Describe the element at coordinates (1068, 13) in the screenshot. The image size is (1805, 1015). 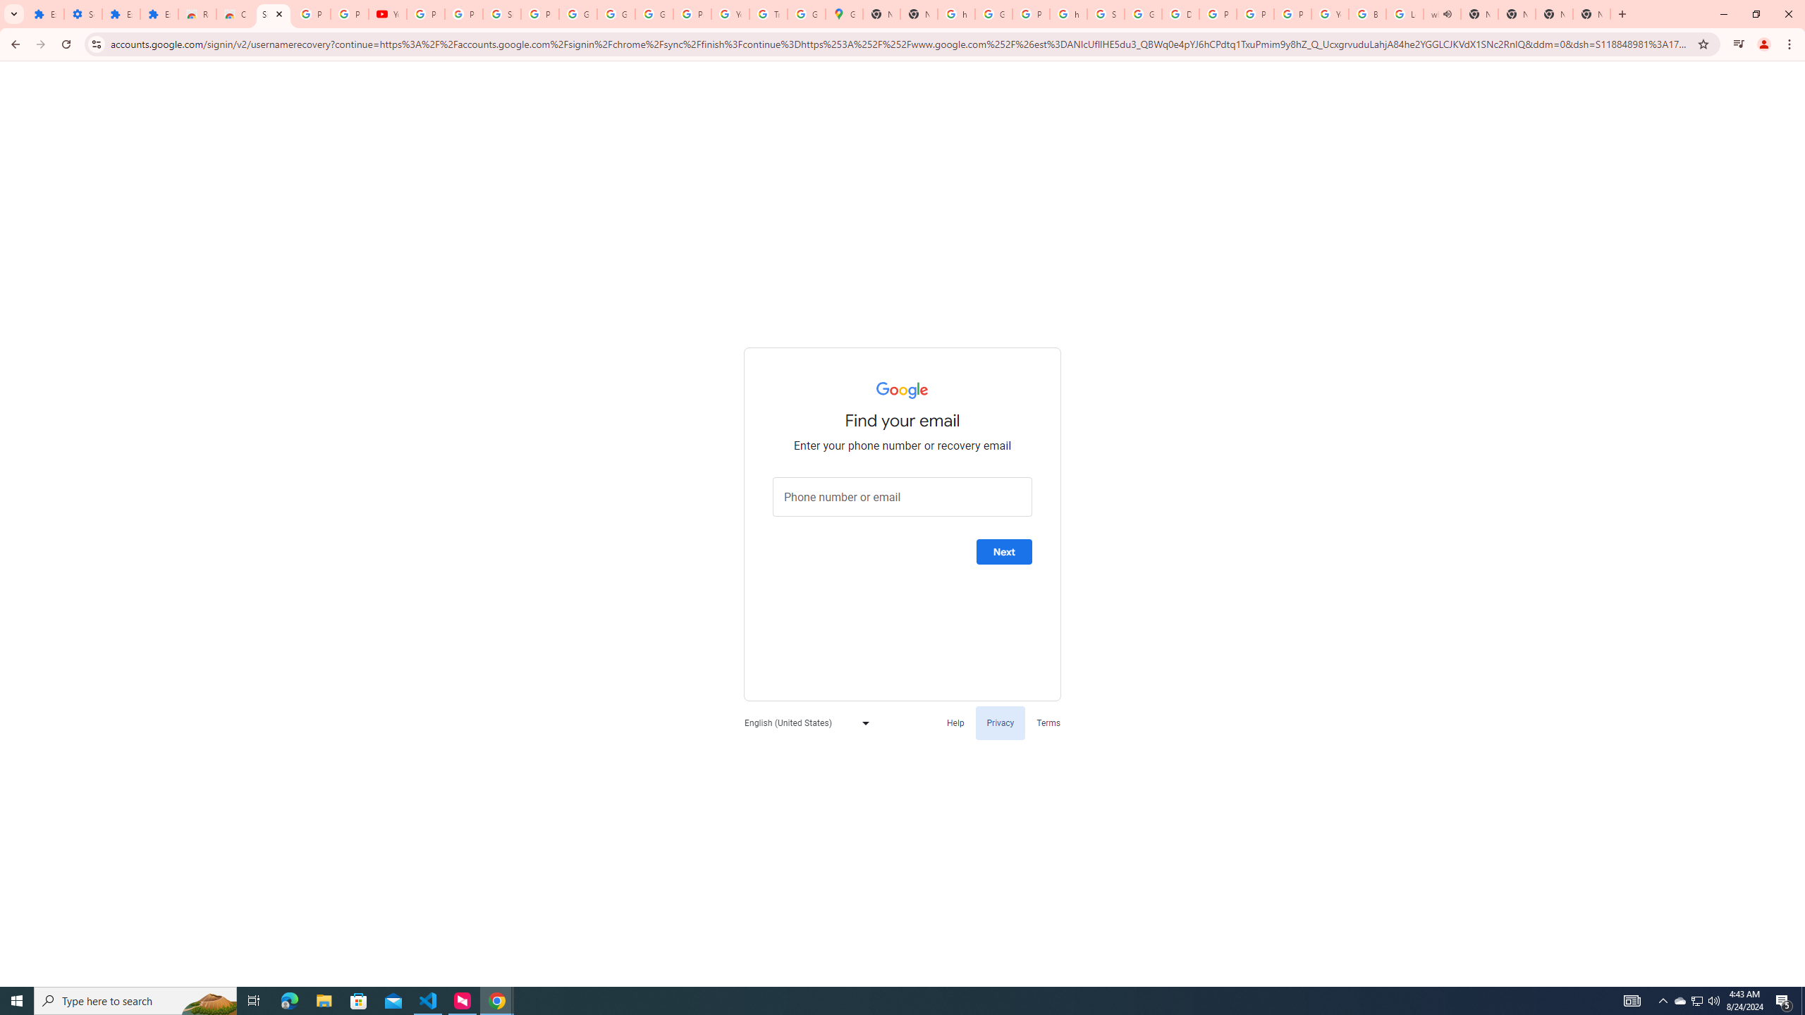
I see `'https://scholar.google.com/'` at that location.